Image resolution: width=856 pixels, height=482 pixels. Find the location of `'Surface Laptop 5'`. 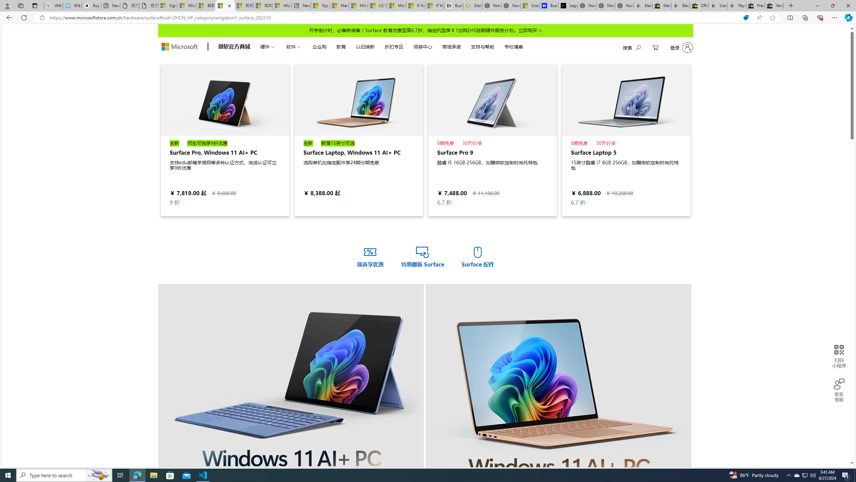

'Surface Laptop 5' is located at coordinates (626, 140).